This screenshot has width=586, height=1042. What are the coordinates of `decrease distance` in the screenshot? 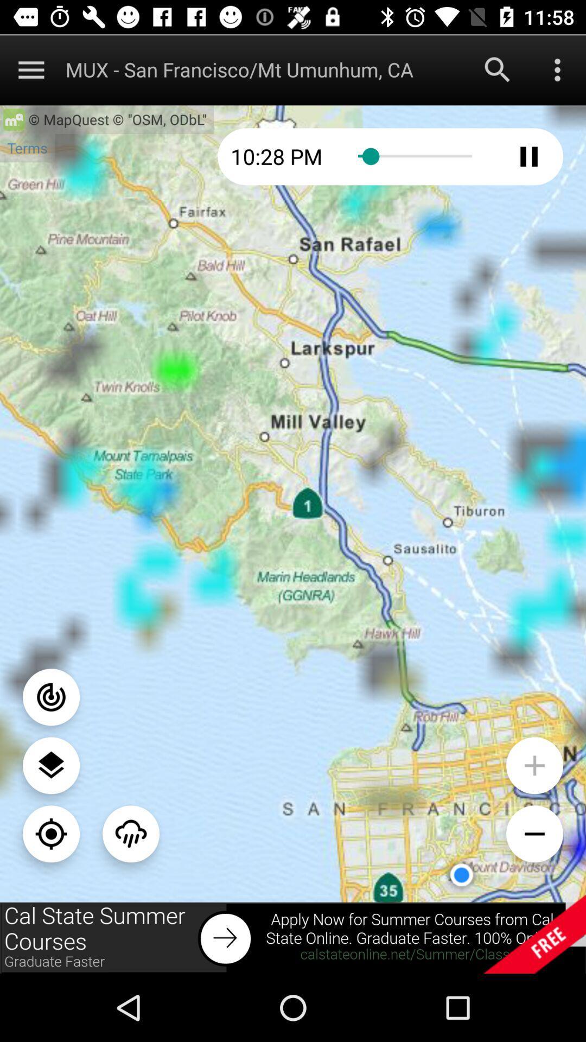 It's located at (534, 833).